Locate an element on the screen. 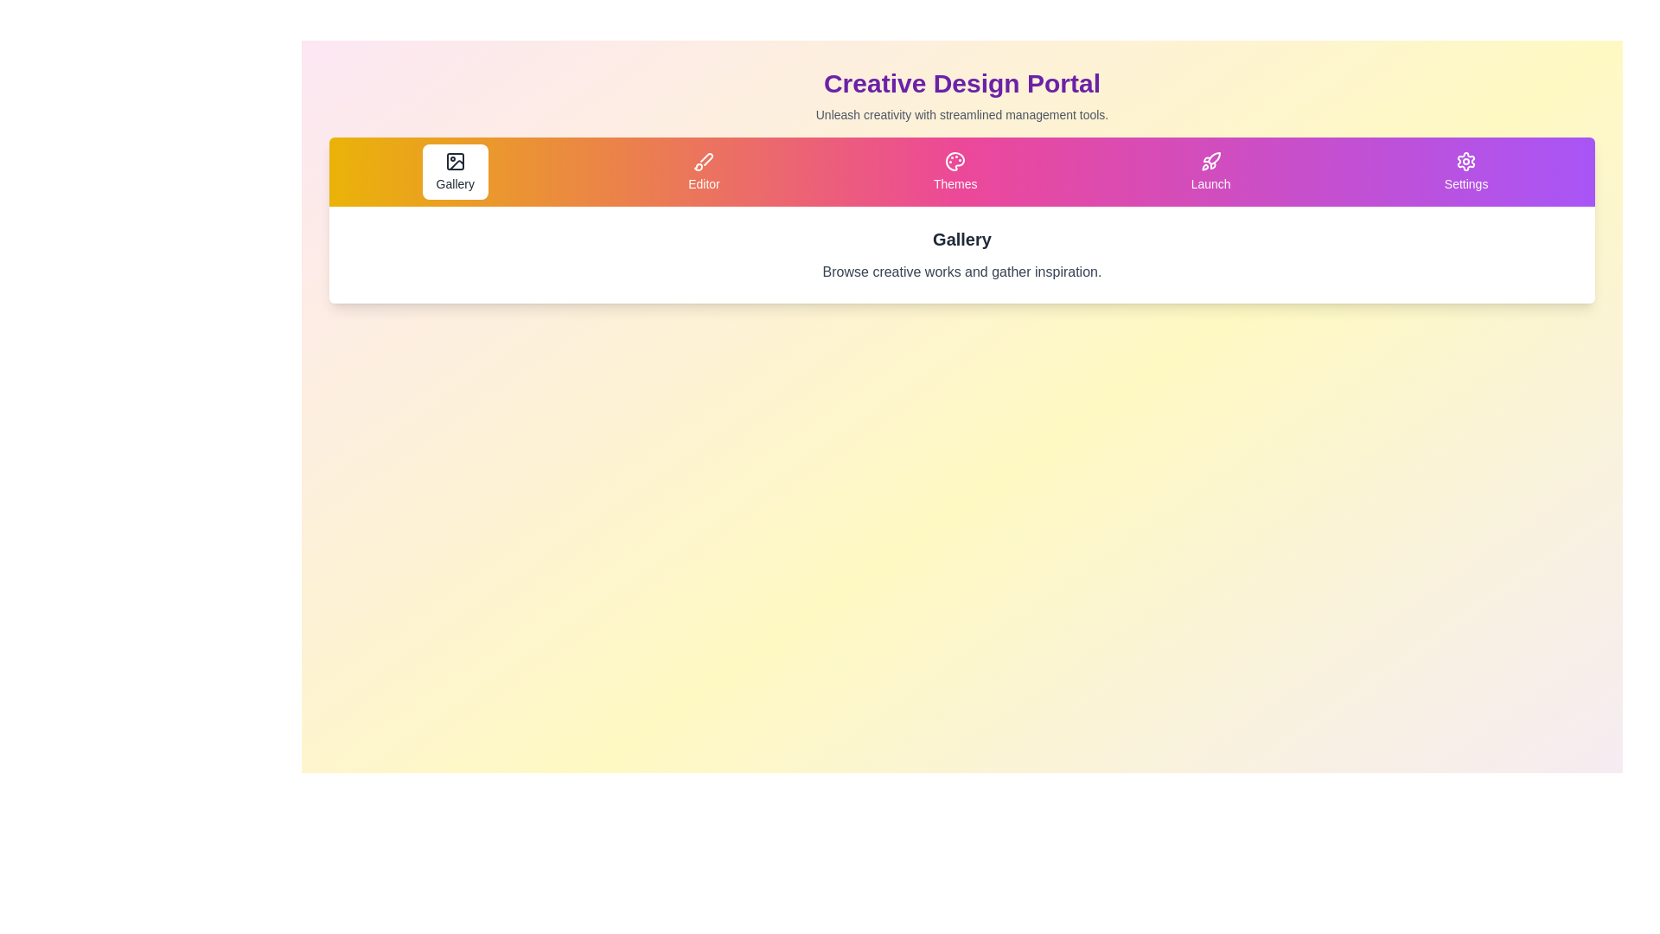 Image resolution: width=1660 pixels, height=934 pixels. the rocket-shaped icon located in the pink-to-purple gradient section labeled 'Launch', which is the third section from the left in the navigation bar is located at coordinates (1210, 161).